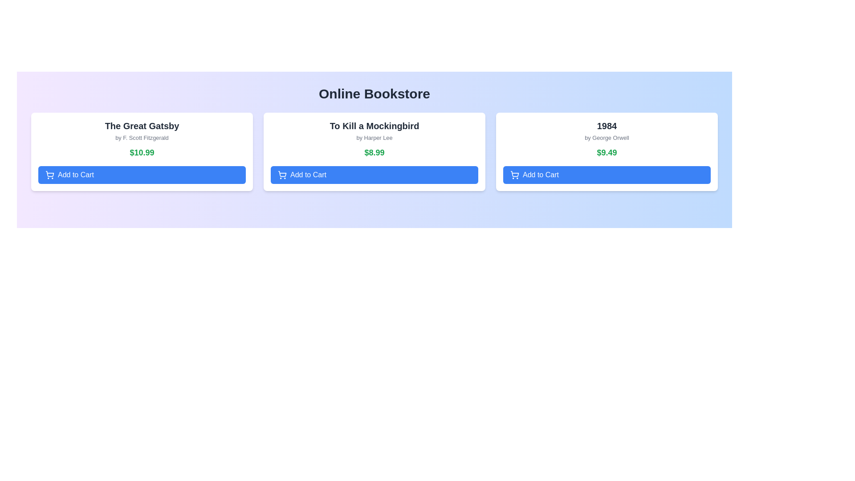  What do you see at coordinates (49, 175) in the screenshot?
I see `the shopping cart icon that is the leftmost component of the blue 'Add to Cart' button under 'The Great Gatsby' section` at bounding box center [49, 175].